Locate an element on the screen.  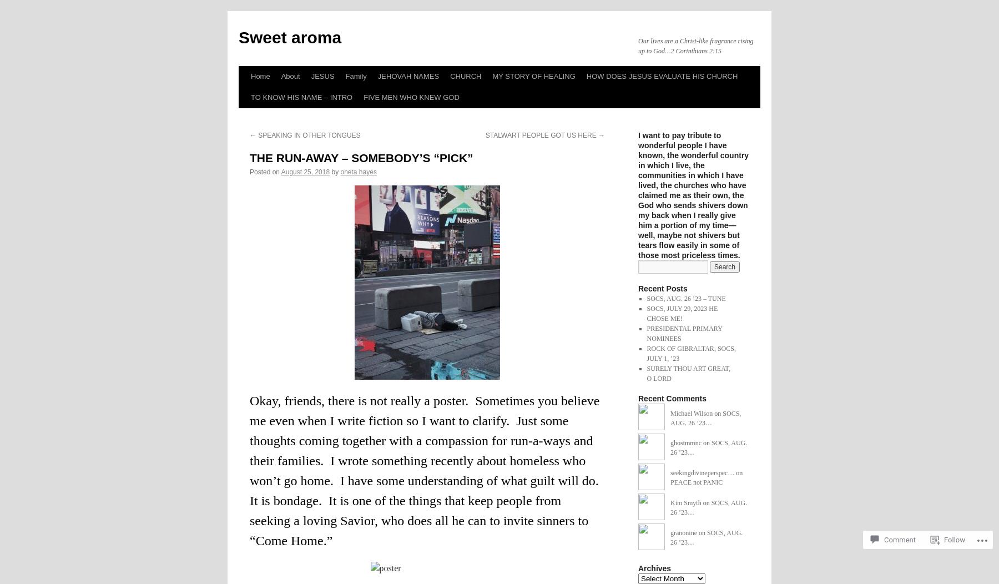
'seekingdivineperspec…' is located at coordinates (702, 472).